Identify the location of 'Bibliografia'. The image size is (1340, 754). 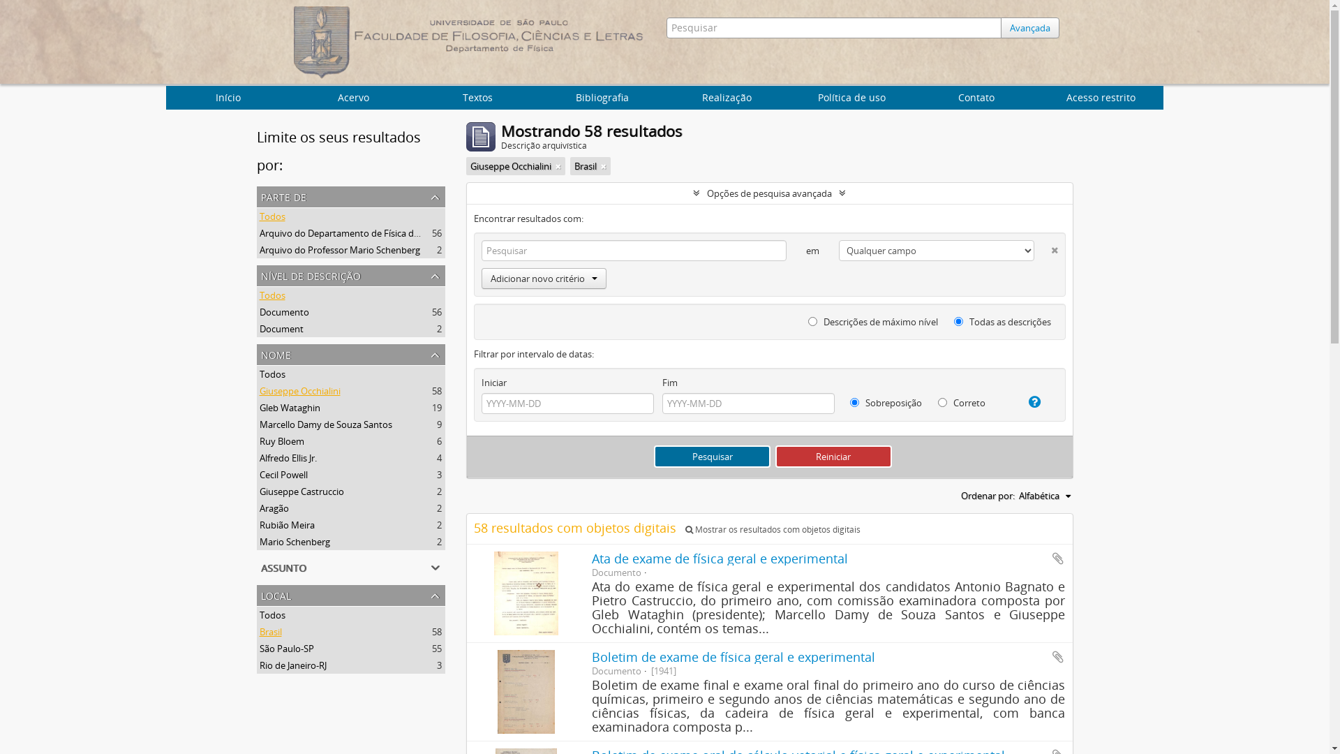
(539, 96).